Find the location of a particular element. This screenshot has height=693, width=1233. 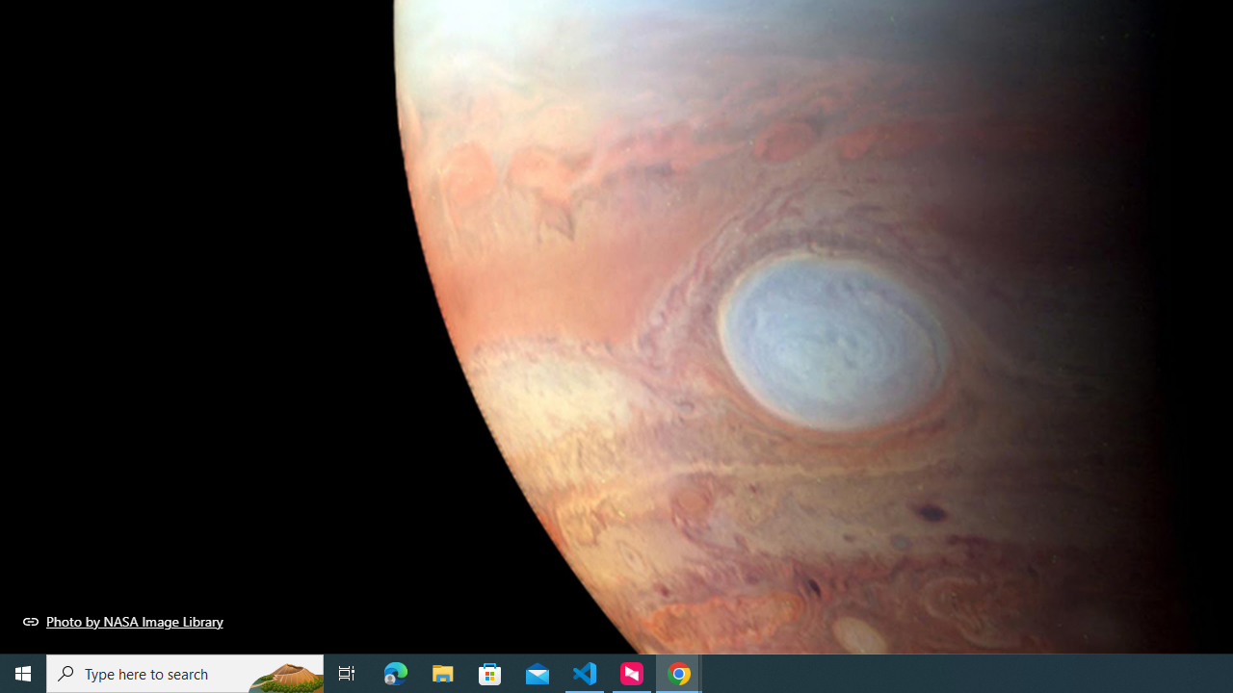

'Photo by NASA Image Library' is located at coordinates (122, 621).